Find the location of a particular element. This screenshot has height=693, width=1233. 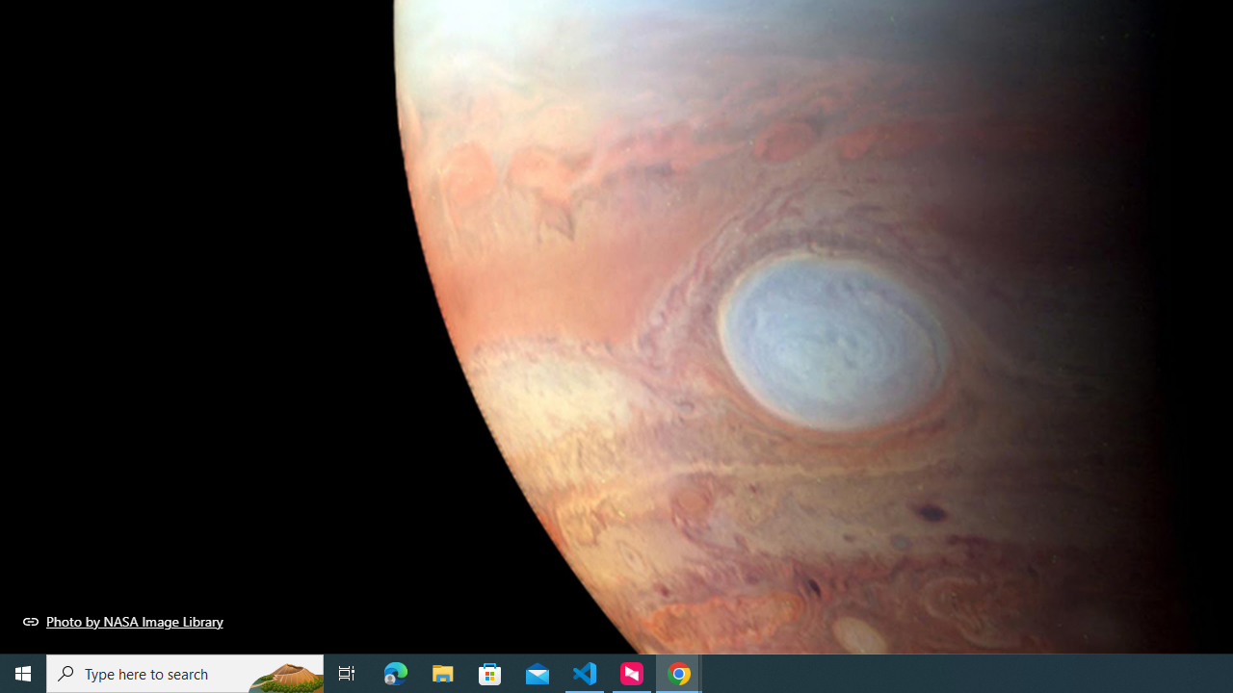

'Photo by NASA Image Library' is located at coordinates (122, 621).